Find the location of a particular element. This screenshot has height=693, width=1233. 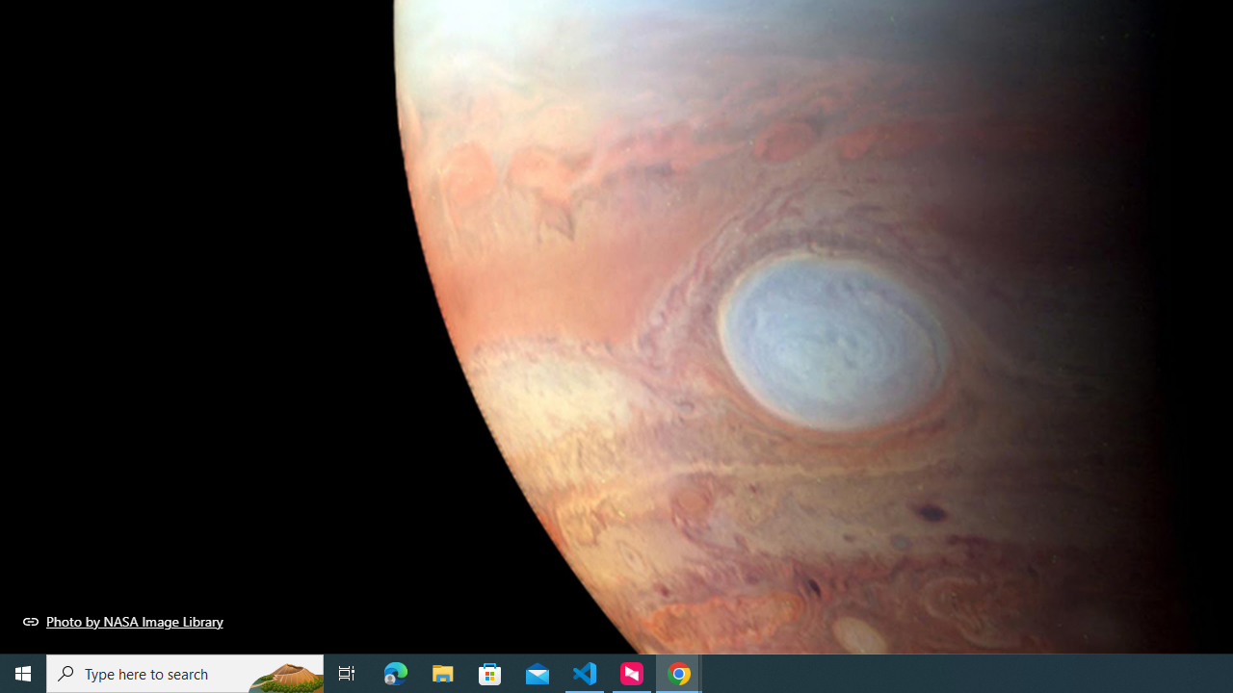

'Photo by NASA Image Library' is located at coordinates (122, 621).